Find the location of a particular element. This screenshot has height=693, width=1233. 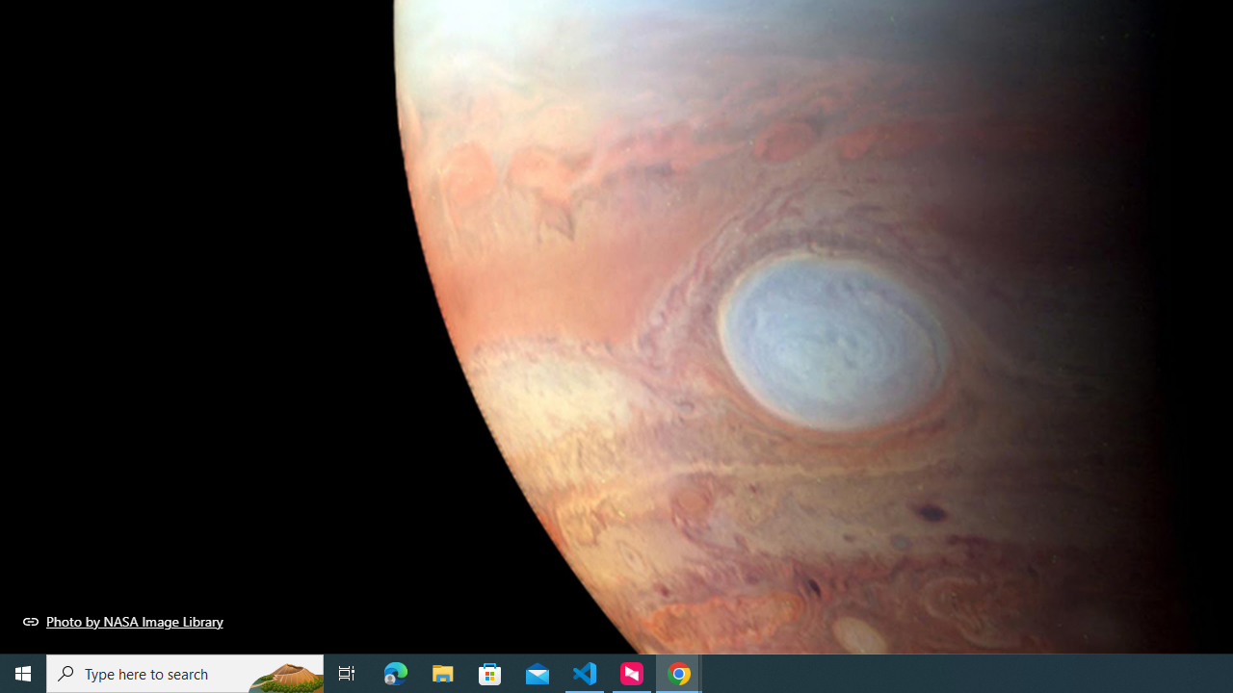

'Photo by NASA Image Library' is located at coordinates (122, 621).